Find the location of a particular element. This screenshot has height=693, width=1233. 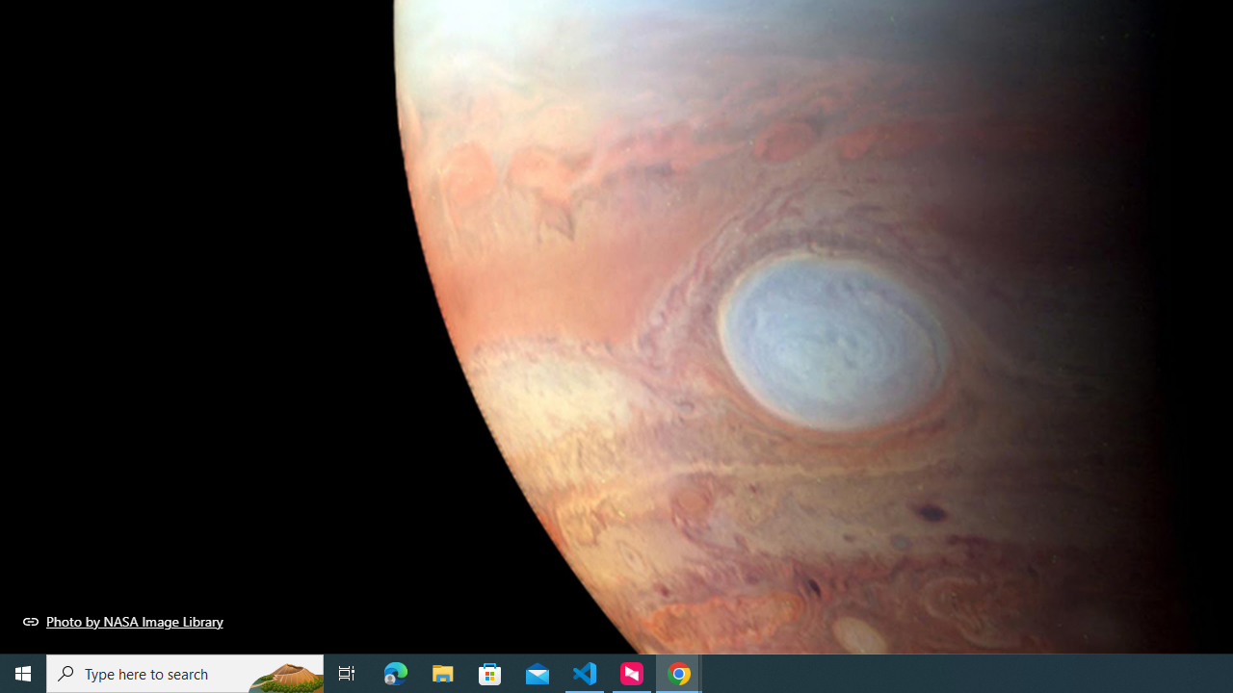

'Photo by NASA Image Library' is located at coordinates (122, 621).